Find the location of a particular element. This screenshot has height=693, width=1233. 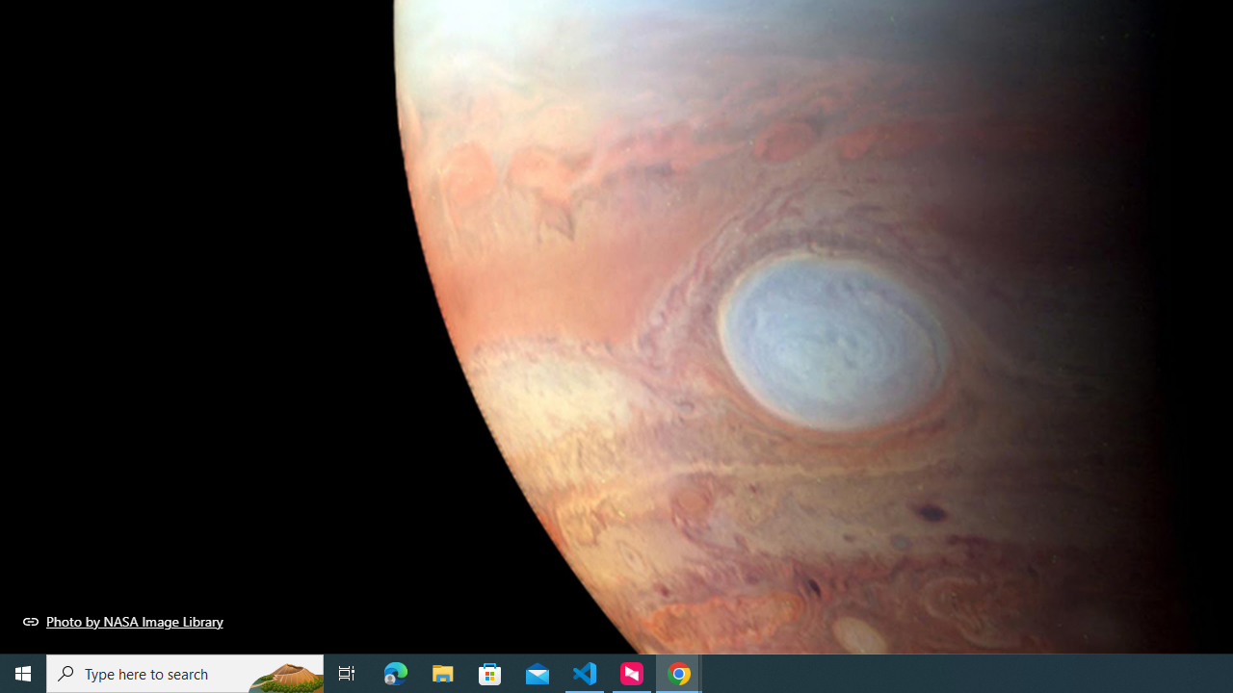

'Photo by NASA Image Library' is located at coordinates (122, 621).